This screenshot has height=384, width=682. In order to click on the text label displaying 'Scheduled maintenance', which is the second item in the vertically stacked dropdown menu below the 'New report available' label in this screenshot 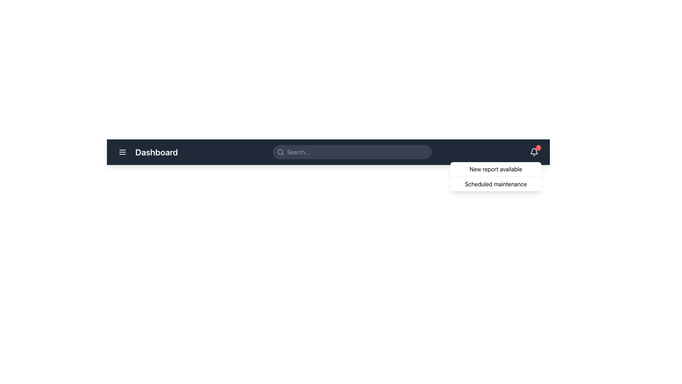, I will do `click(496, 183)`.